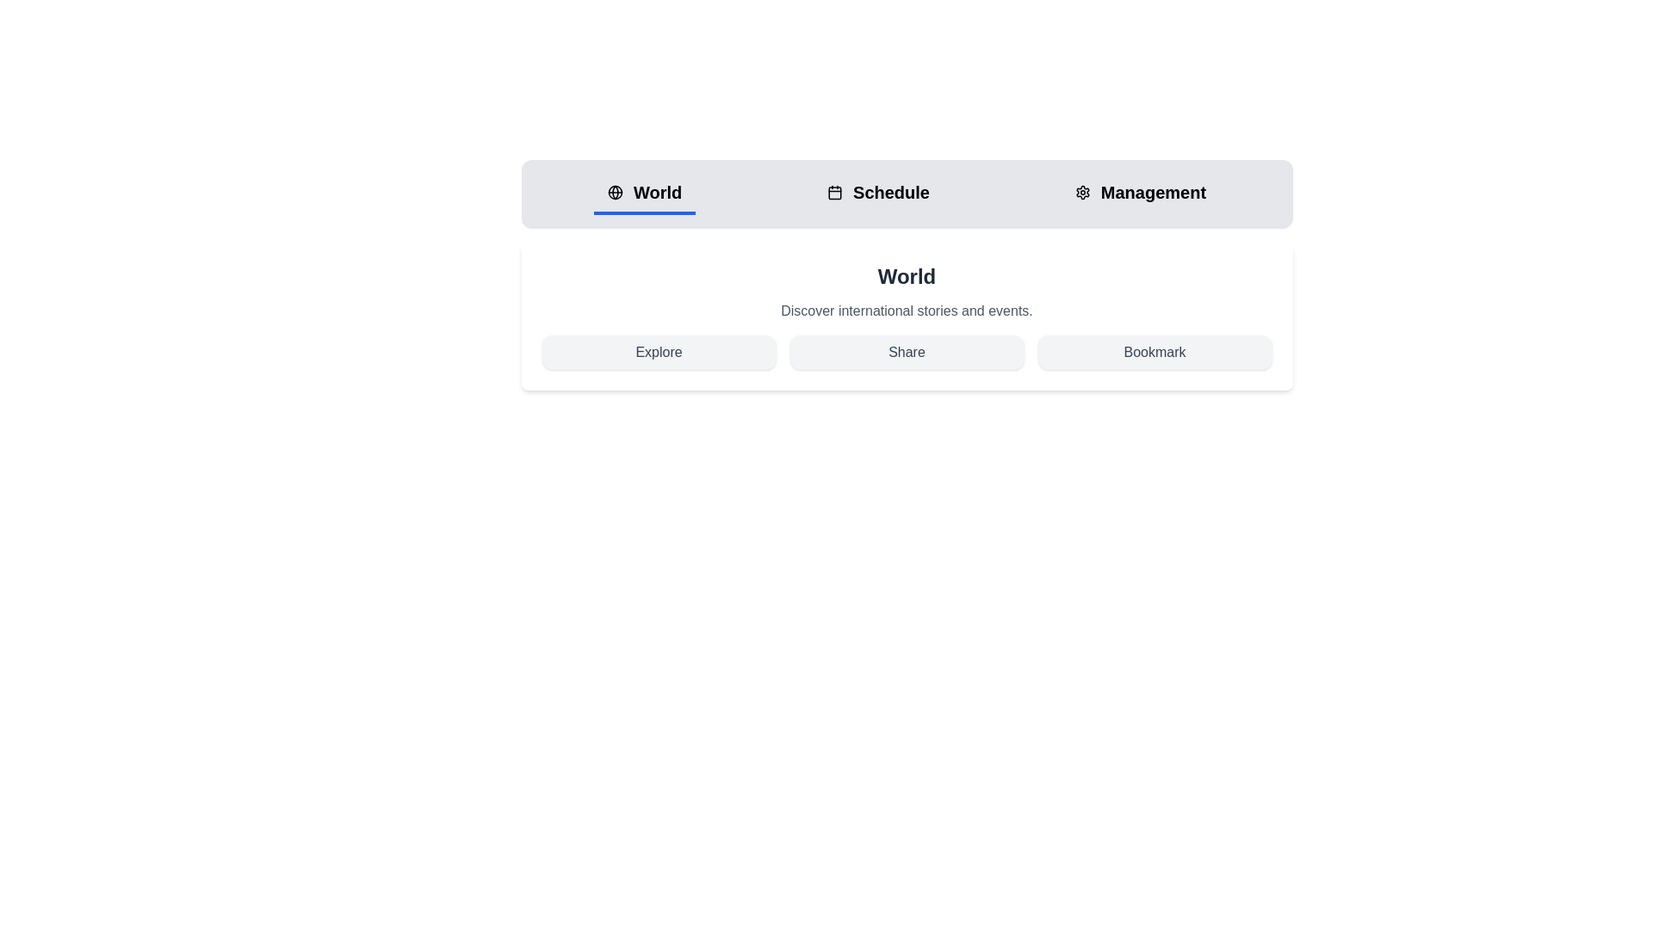  Describe the element at coordinates (1155, 351) in the screenshot. I see `the Bookmark button under the active tab` at that location.